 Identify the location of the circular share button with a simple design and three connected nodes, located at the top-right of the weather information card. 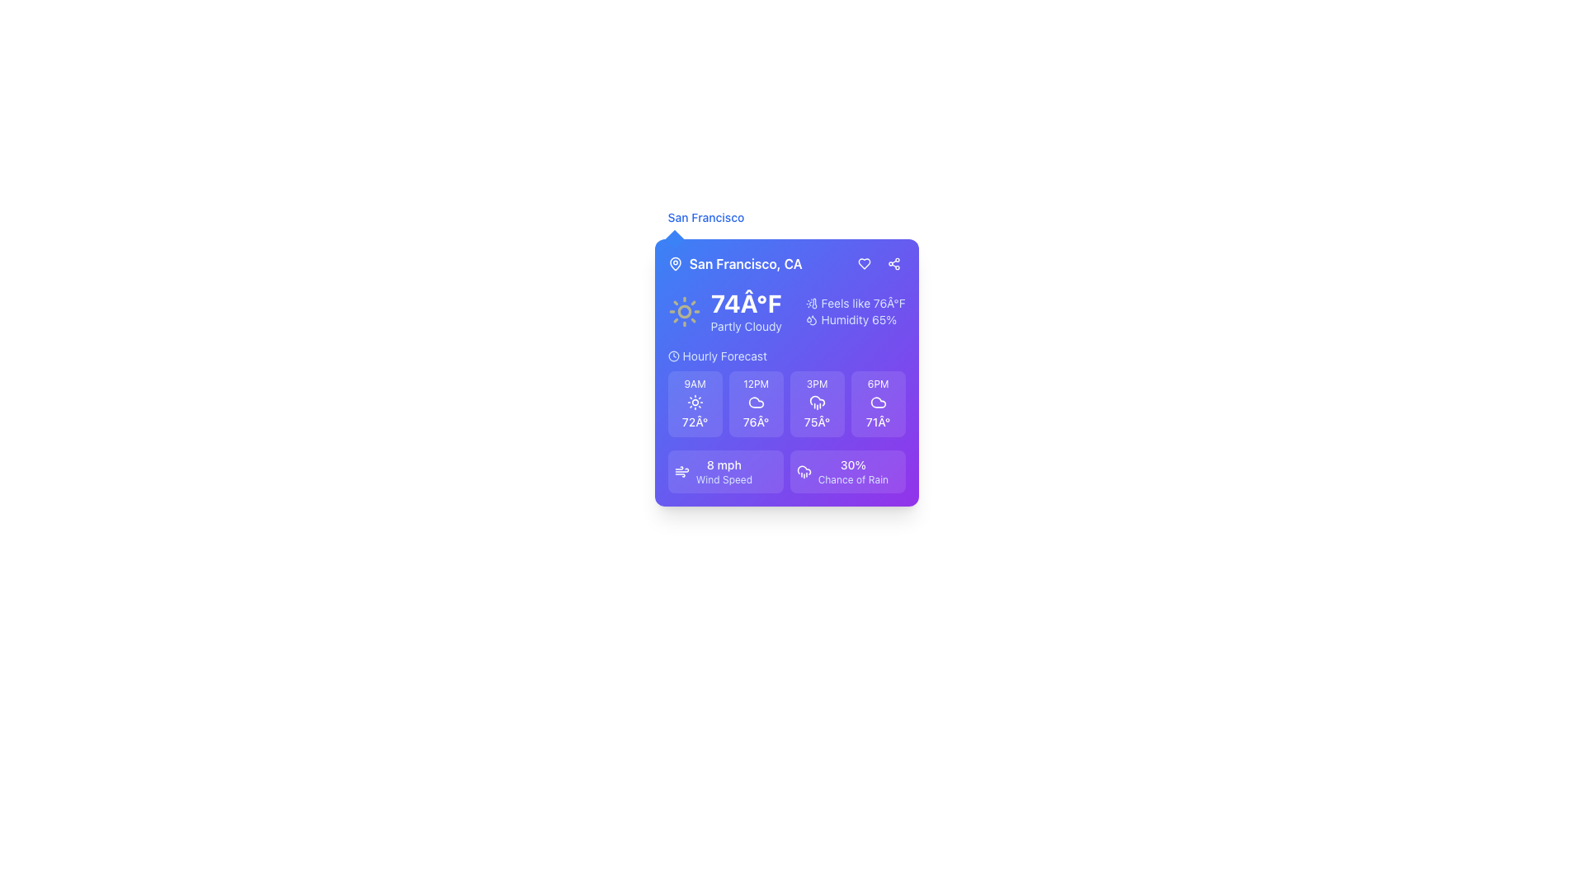
(893, 263).